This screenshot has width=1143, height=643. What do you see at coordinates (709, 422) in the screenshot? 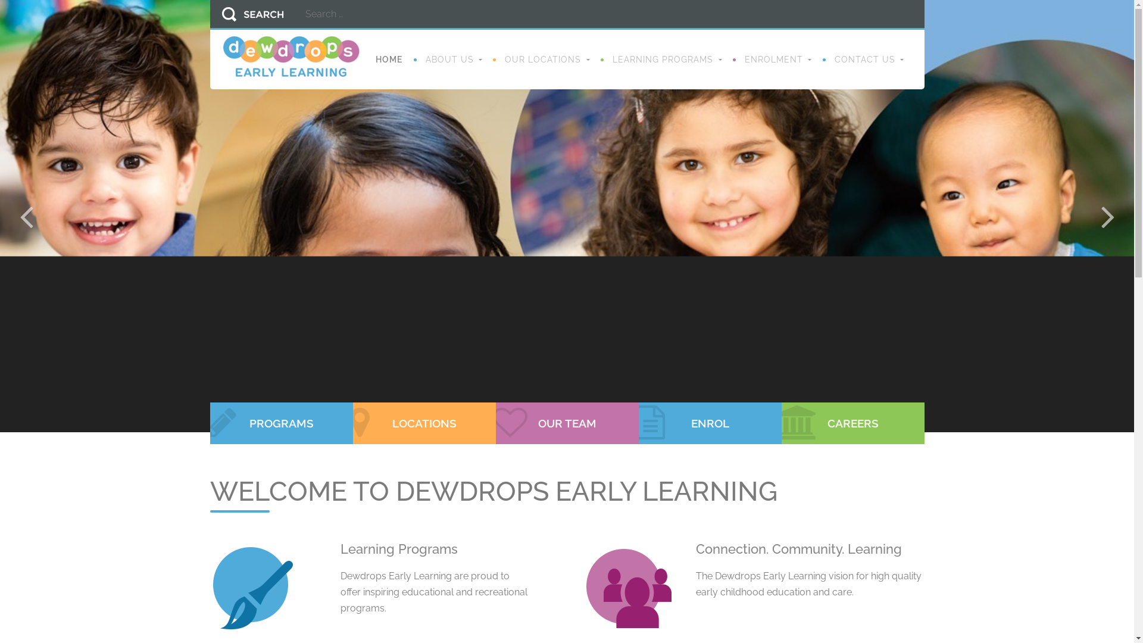
I see `'ENROL'` at bounding box center [709, 422].